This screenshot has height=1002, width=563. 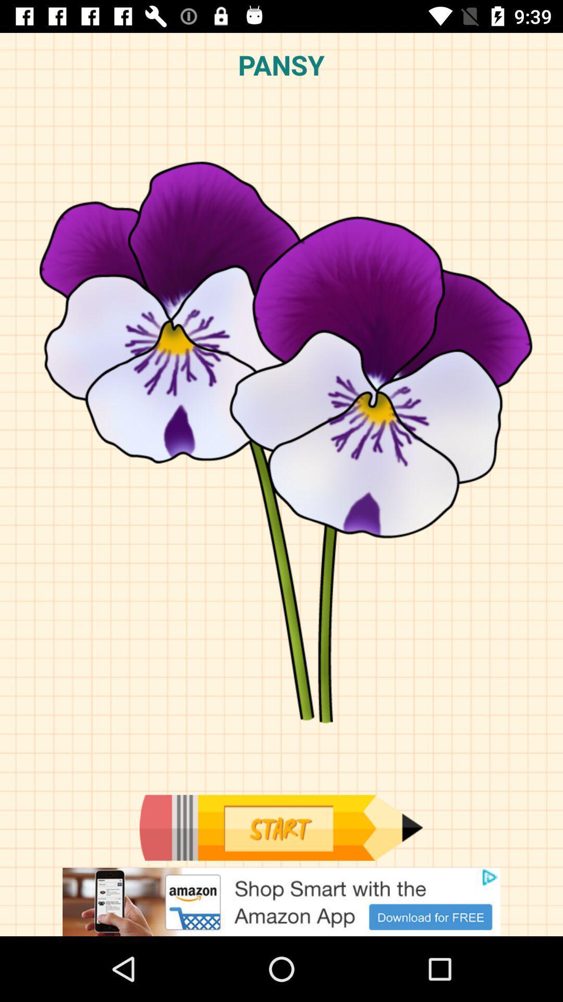 What do you see at coordinates (280, 827) in the screenshot?
I see `start drawing` at bounding box center [280, 827].